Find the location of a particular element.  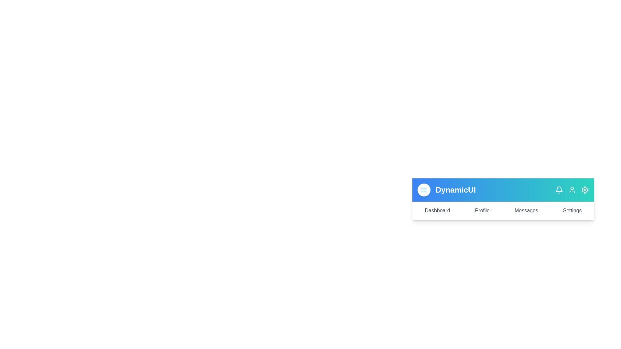

the 'Dashboard' menu item is located at coordinates (437, 210).